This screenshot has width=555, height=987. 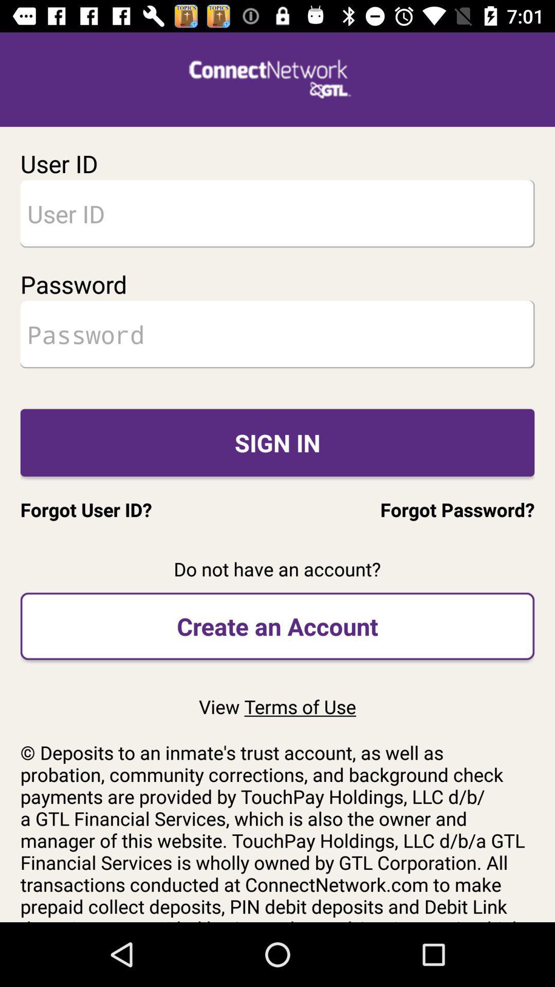 I want to click on icon above the forgot user id? icon, so click(x=277, y=443).